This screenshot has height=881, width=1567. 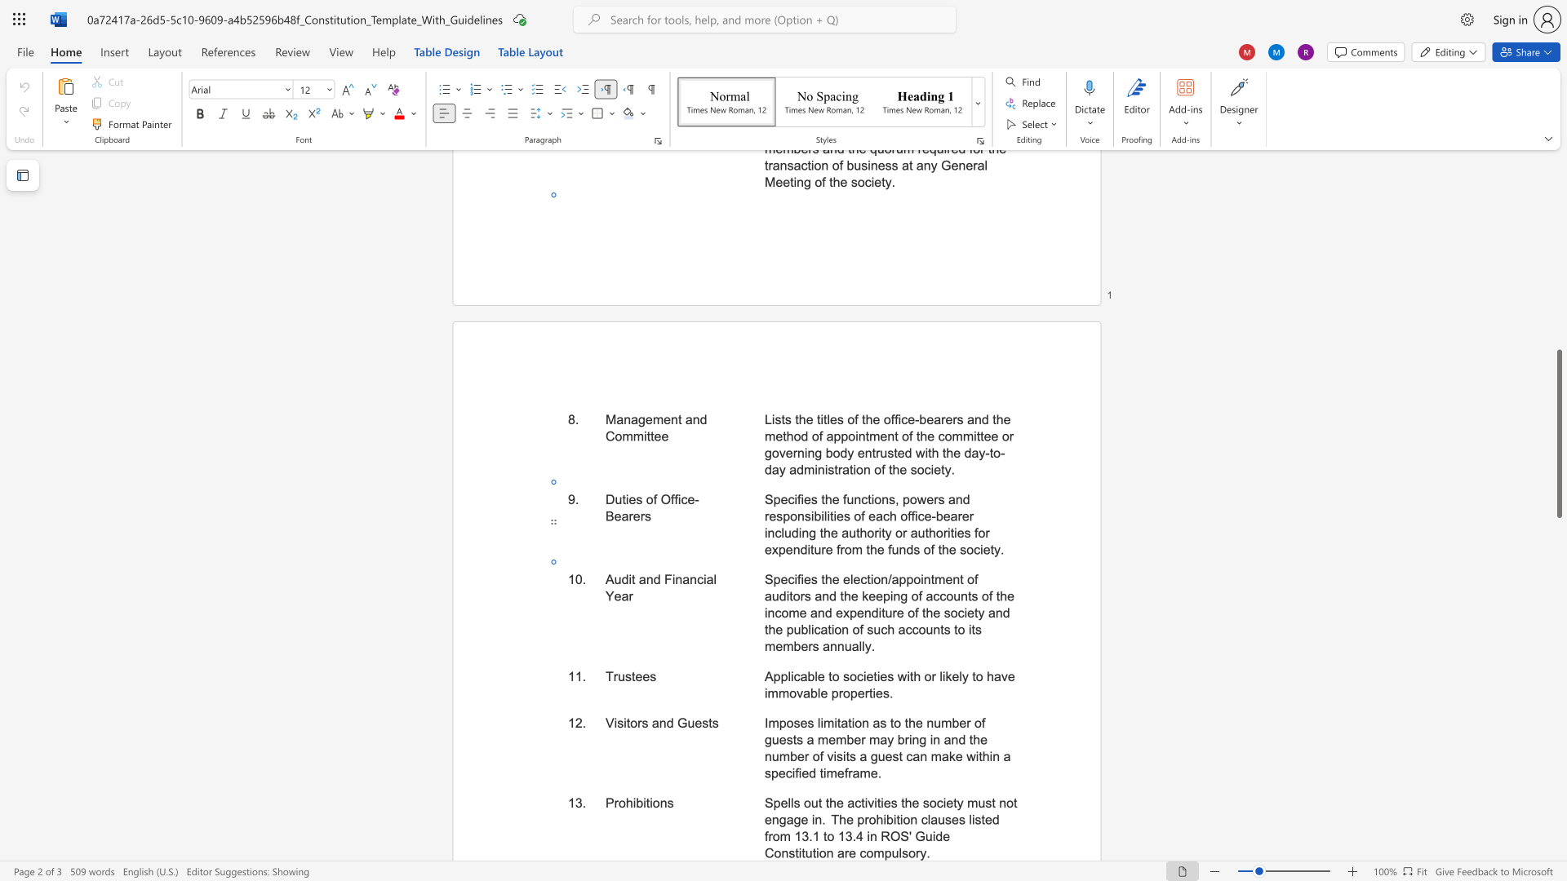 I want to click on the space between the continuous character "d" and "e" in the text, so click(x=943, y=836).